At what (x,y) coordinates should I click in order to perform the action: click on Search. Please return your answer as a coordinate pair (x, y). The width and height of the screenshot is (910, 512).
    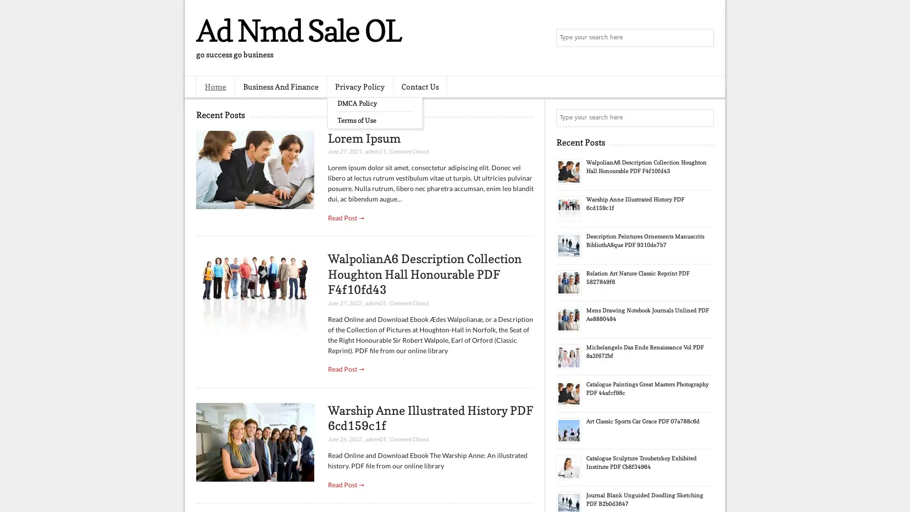
    Looking at the image, I should click on (704, 38).